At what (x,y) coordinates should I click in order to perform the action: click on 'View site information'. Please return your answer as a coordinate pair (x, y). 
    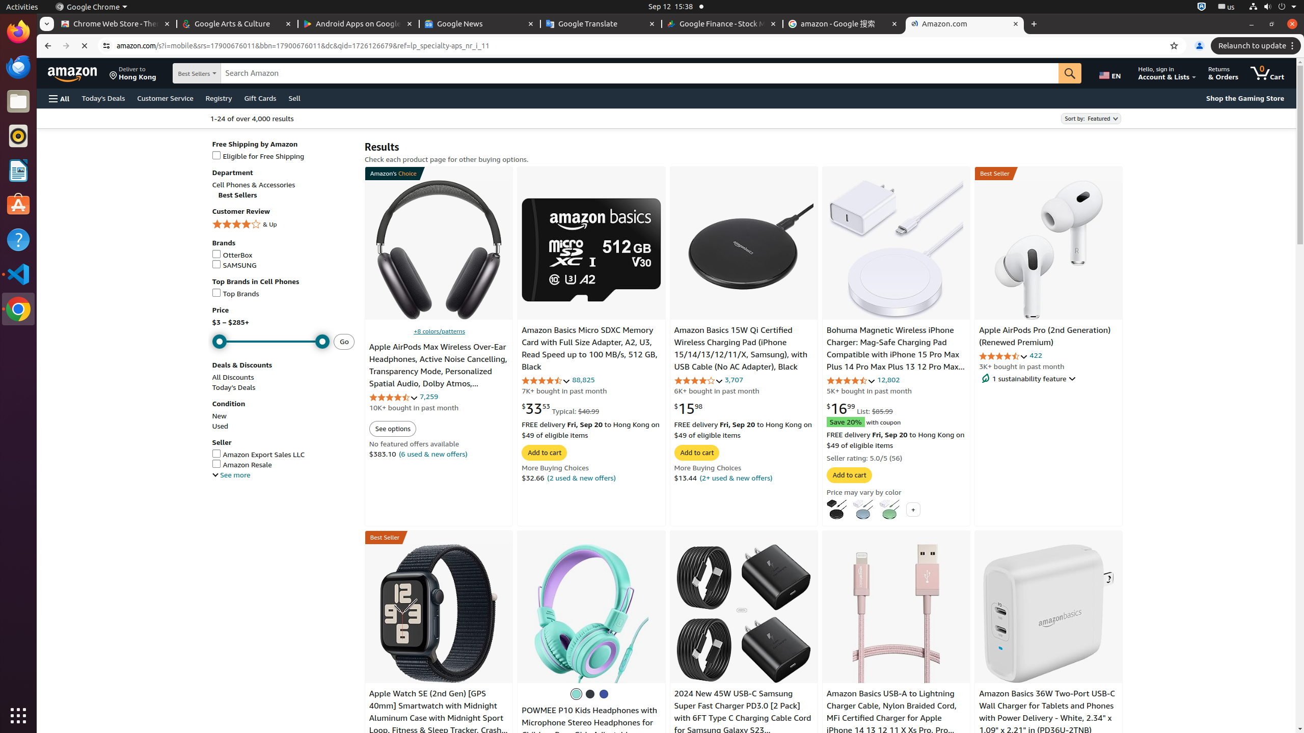
    Looking at the image, I should click on (105, 45).